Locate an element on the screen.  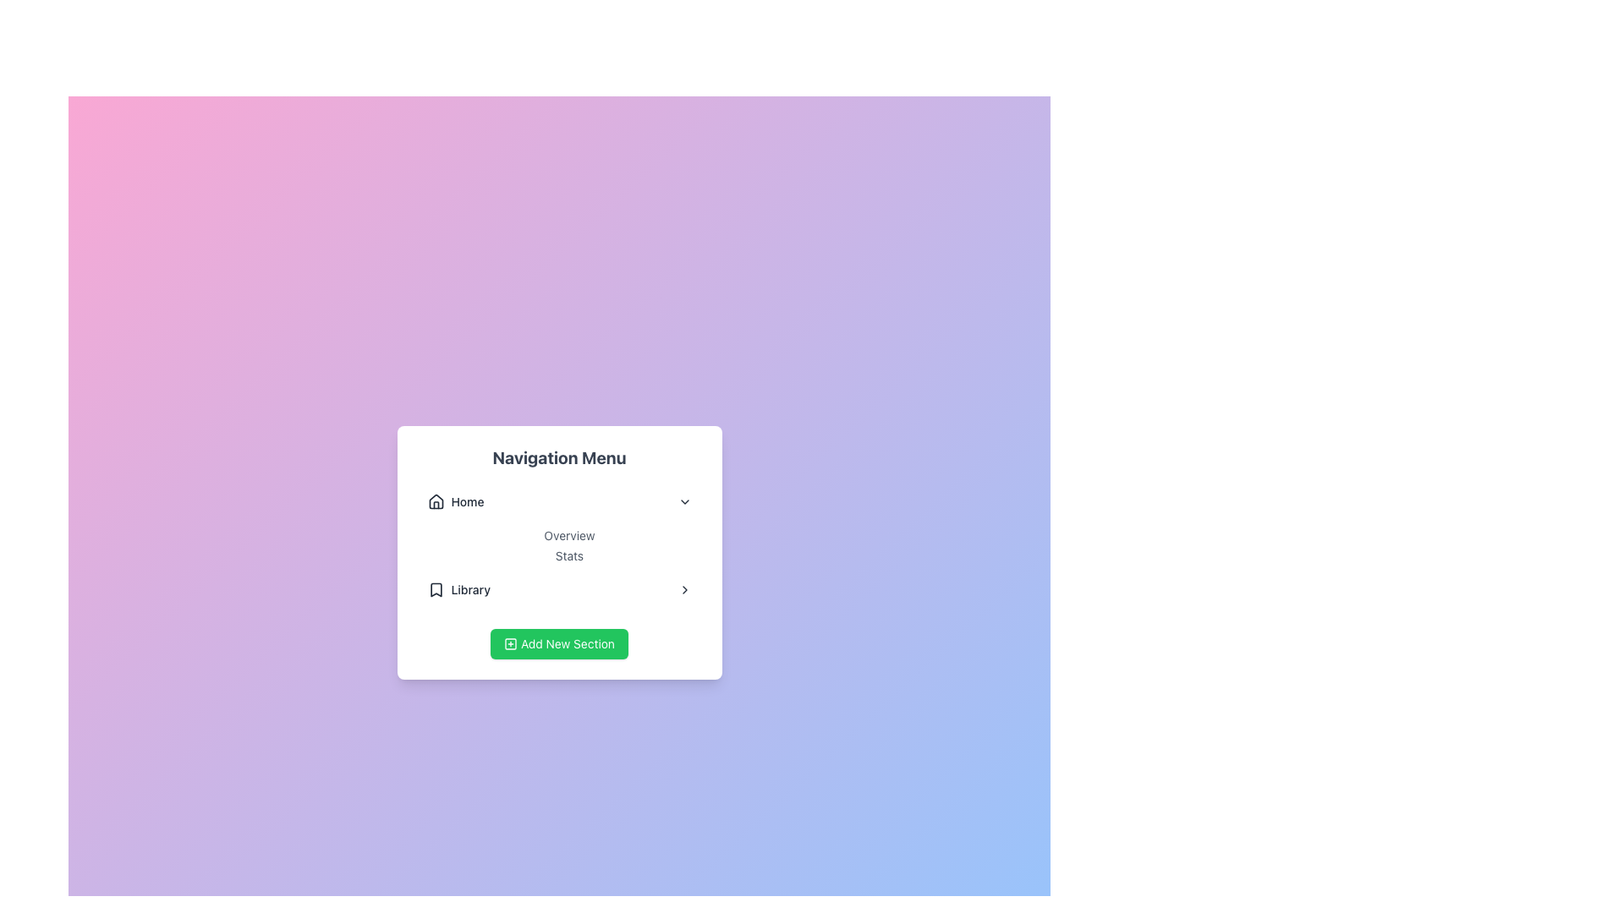
the 'Home' text label in the upper-left section of the navigation menu to indicate the home page option is located at coordinates (467, 501).